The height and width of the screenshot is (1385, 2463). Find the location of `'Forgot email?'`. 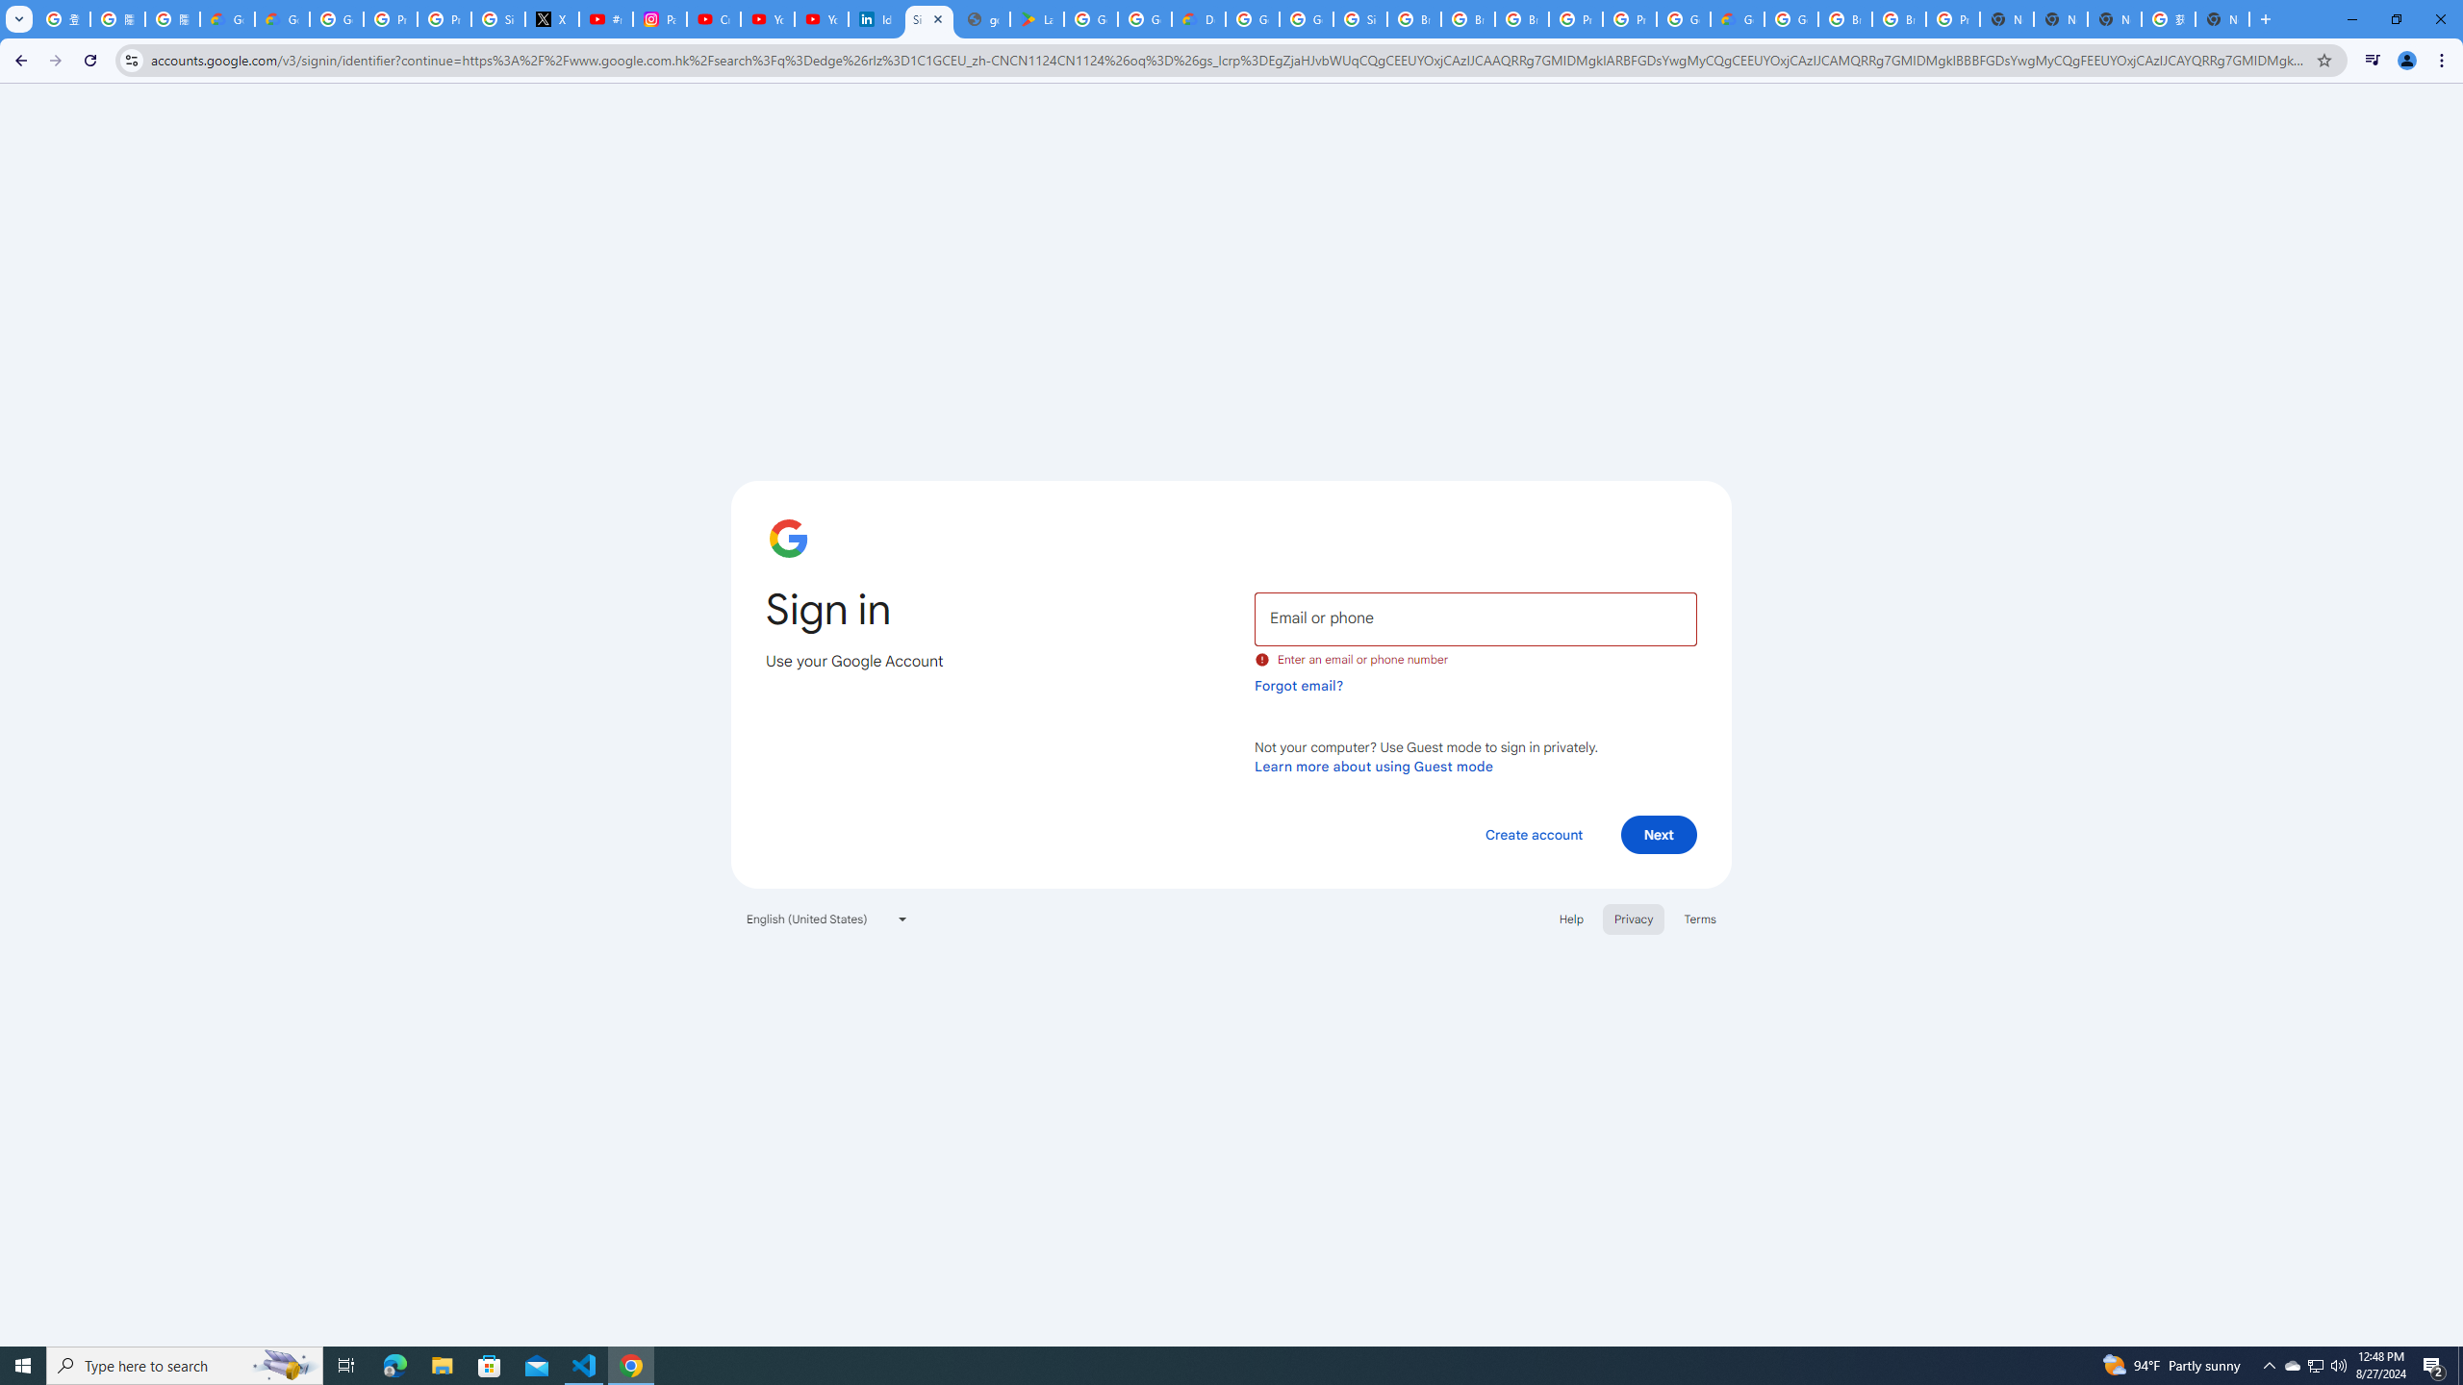

'Forgot email?' is located at coordinates (1298, 685).